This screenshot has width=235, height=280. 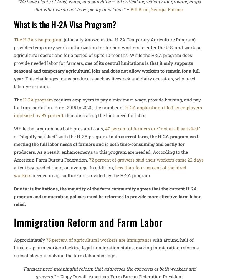 I want to click on 'after they needed them, on average. In addition,', so click(x=64, y=167).